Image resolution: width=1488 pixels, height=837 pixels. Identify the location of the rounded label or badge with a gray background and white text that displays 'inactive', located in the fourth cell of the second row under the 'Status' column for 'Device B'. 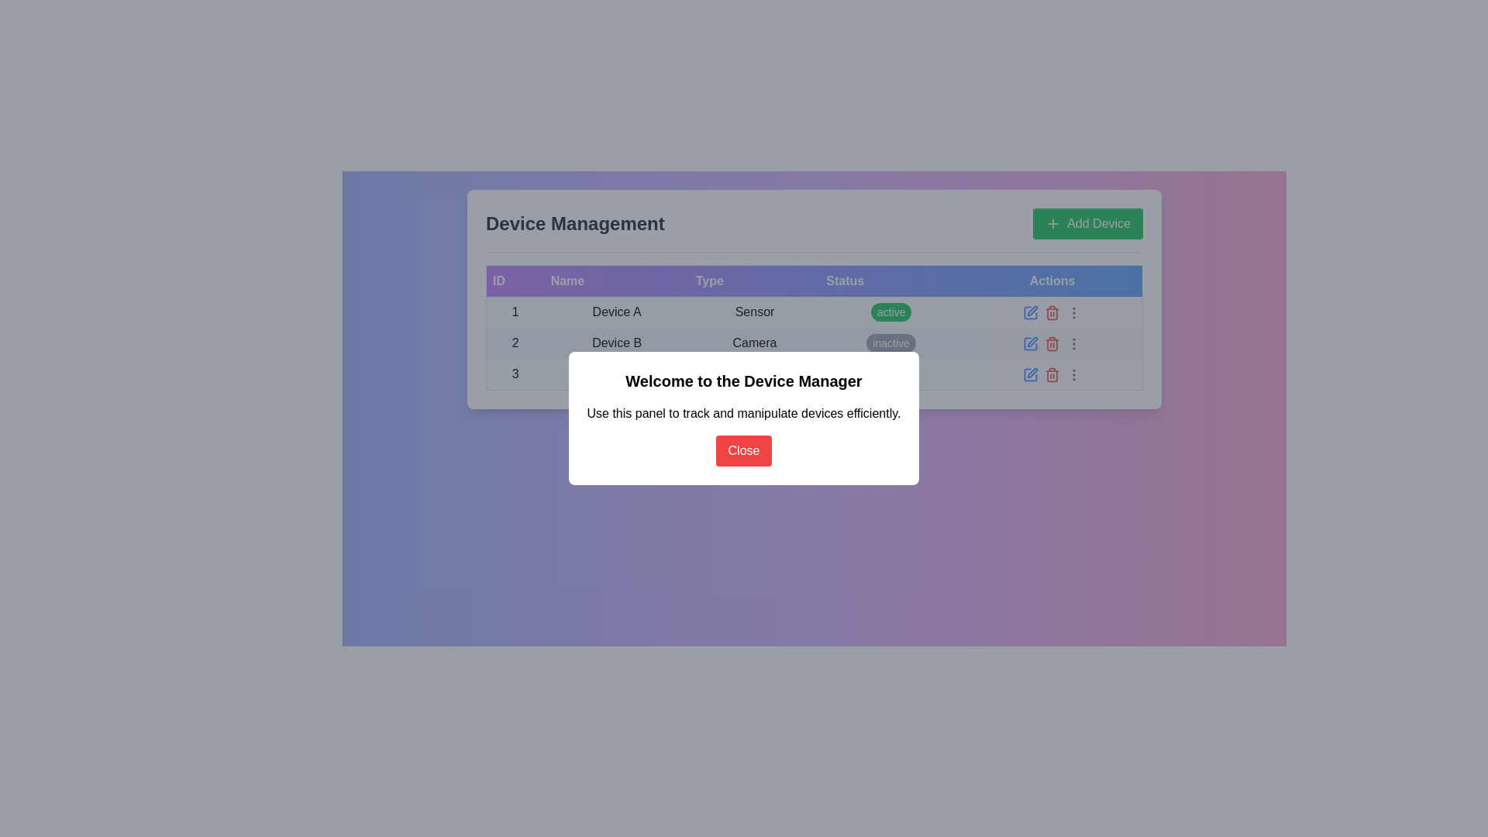
(891, 343).